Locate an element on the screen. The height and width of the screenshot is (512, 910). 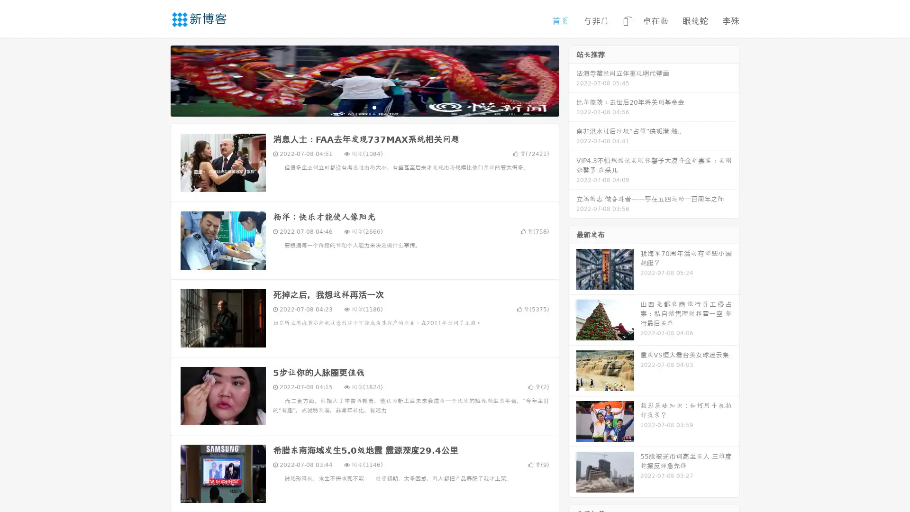
Previous slide is located at coordinates (156, 80).